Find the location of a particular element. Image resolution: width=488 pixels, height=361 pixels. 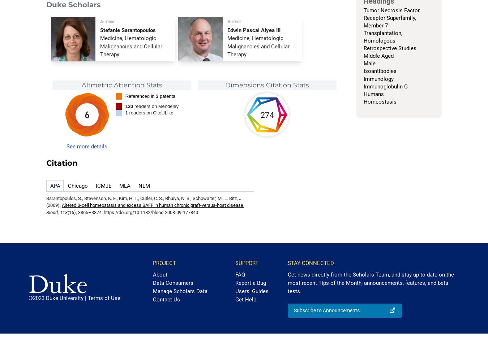

'APA' is located at coordinates (50, 186).